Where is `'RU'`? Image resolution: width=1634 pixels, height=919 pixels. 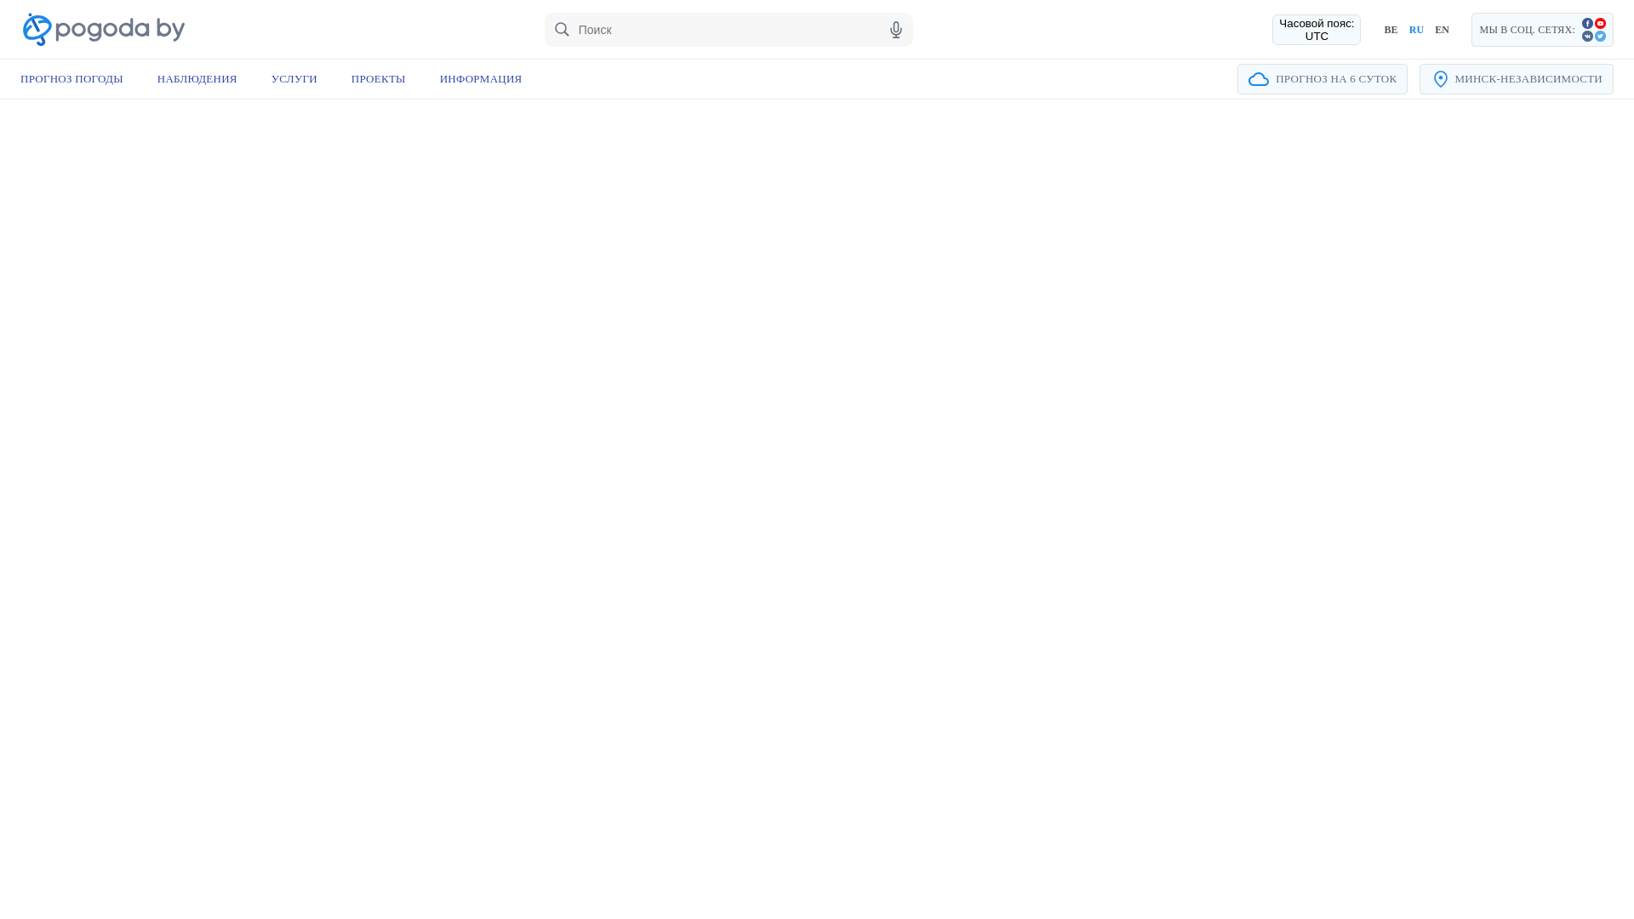 'RU' is located at coordinates (1416, 29).